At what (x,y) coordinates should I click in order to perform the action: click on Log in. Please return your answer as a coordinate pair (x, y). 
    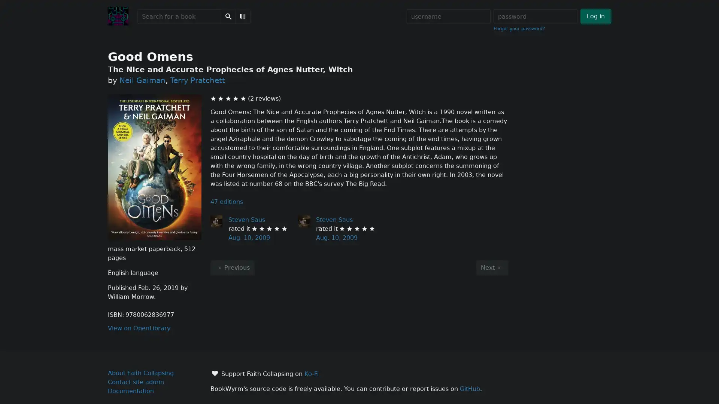
    Looking at the image, I should click on (595, 16).